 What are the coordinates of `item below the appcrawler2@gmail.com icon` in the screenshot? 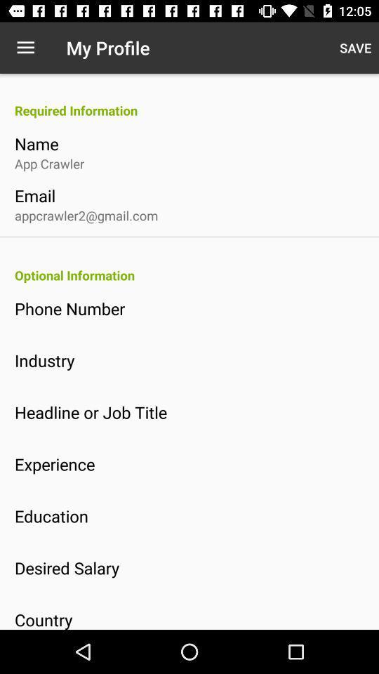 It's located at (196, 275).